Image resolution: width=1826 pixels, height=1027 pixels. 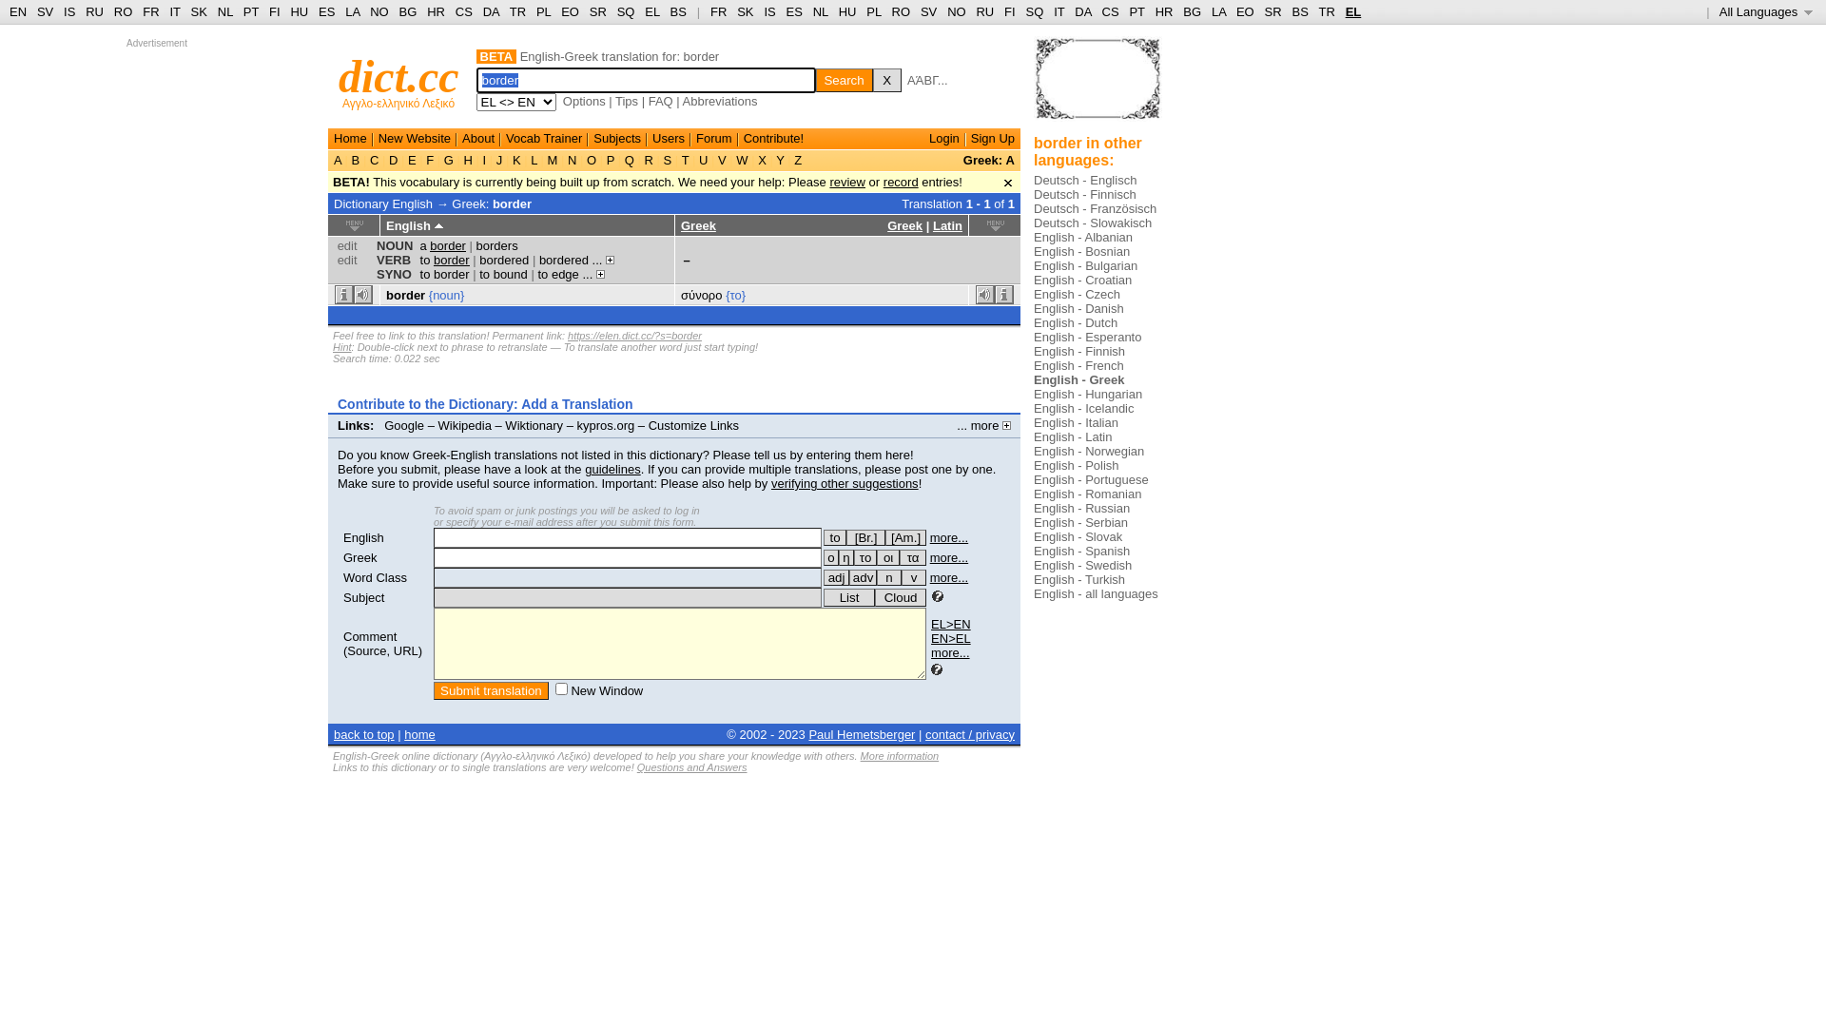 What do you see at coordinates (1091, 478) in the screenshot?
I see `'English - Portuguese'` at bounding box center [1091, 478].